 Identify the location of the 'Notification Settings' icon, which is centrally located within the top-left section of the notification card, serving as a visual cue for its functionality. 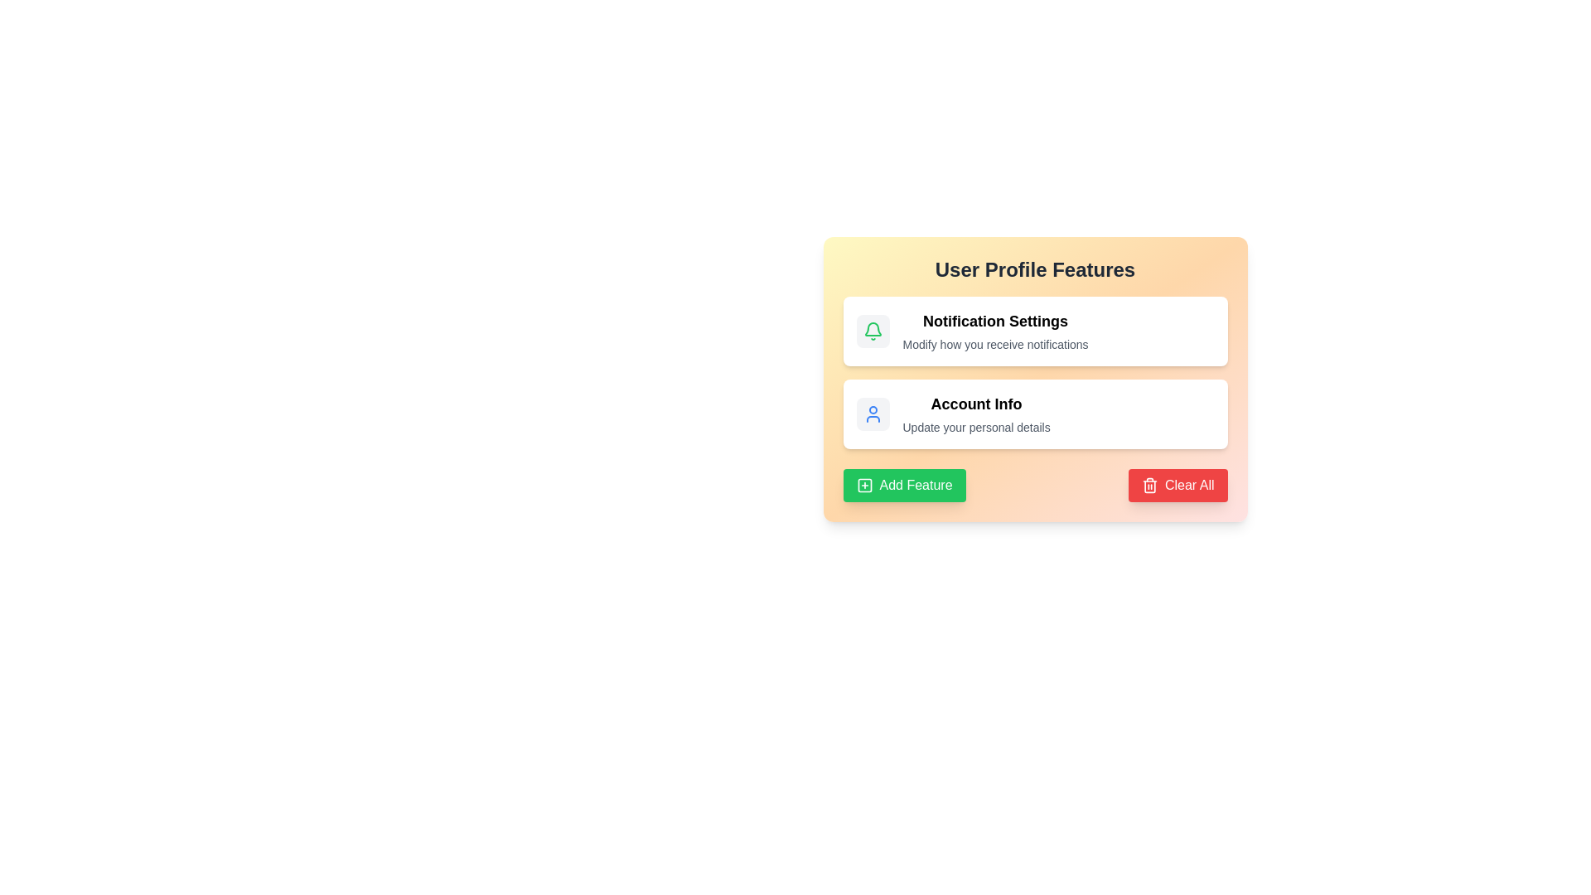
(872, 331).